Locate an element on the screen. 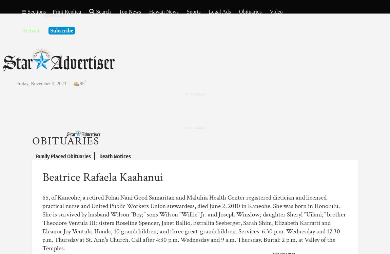 This screenshot has height=254, width=390. 'Obituaries' is located at coordinates (250, 11).